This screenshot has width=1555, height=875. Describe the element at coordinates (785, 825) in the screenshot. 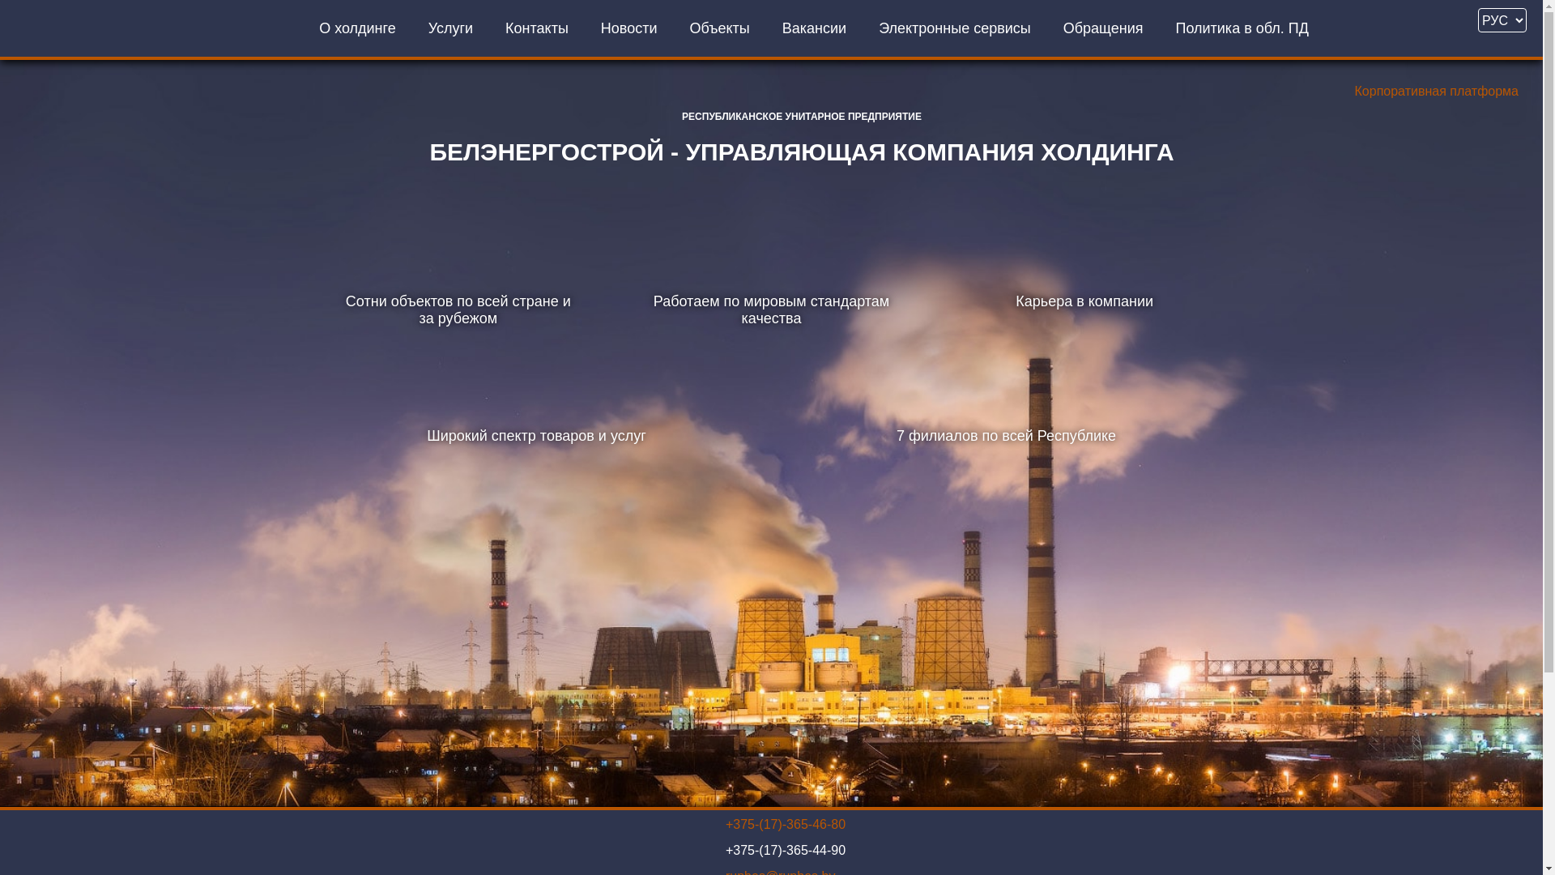

I see `'+375-(17)-365-46-80'` at that location.